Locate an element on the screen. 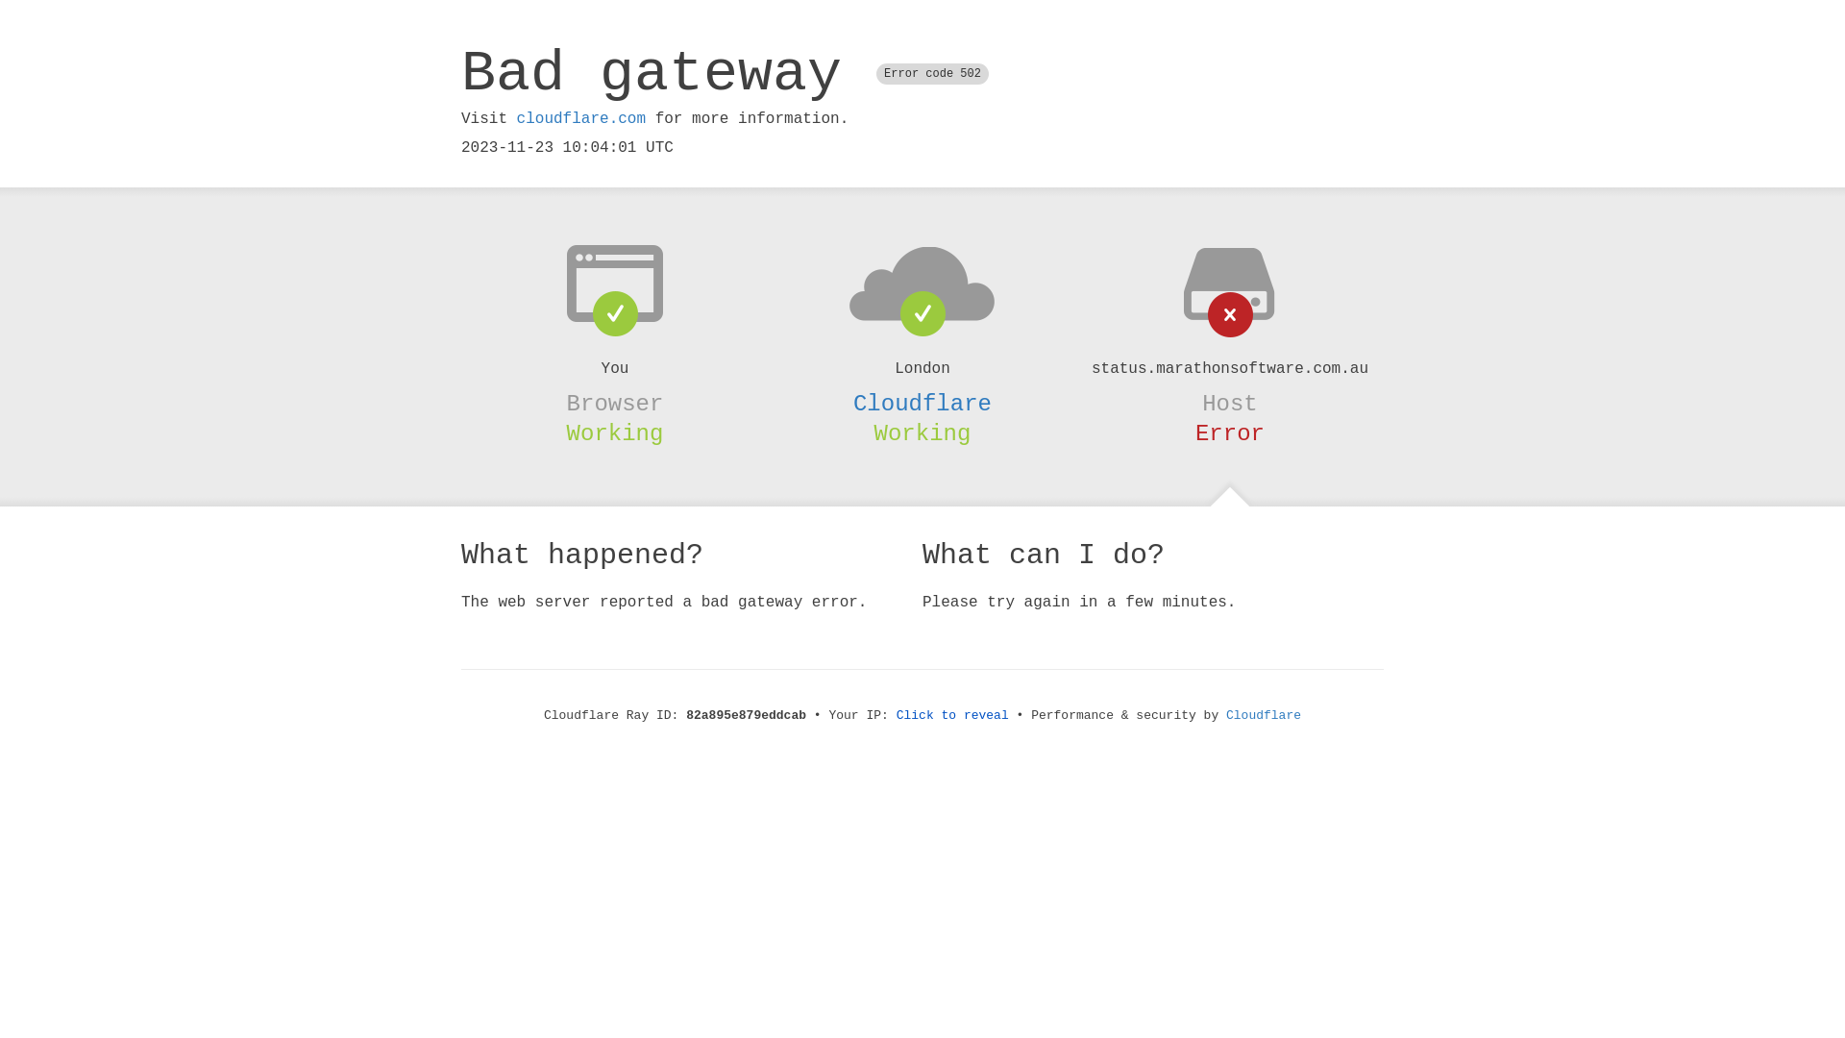 The image size is (1845, 1038). 'Cloudflare' is located at coordinates (1264, 715).